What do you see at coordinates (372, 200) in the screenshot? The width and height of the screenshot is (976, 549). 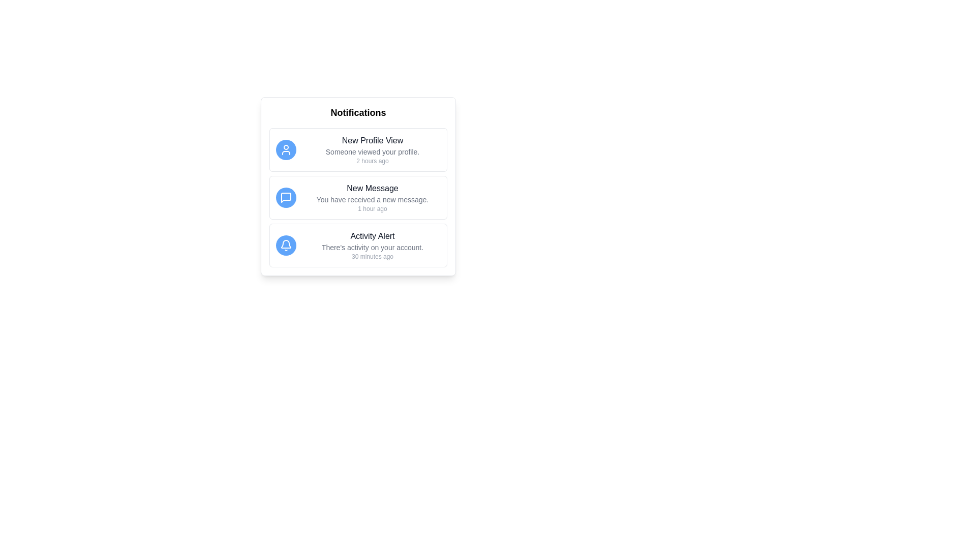 I see `the Text Label that provides additional information regarding the 'New Message' notification, which is located beneath the title 'New Message' and above the timestamp '1 hour ago'` at bounding box center [372, 200].